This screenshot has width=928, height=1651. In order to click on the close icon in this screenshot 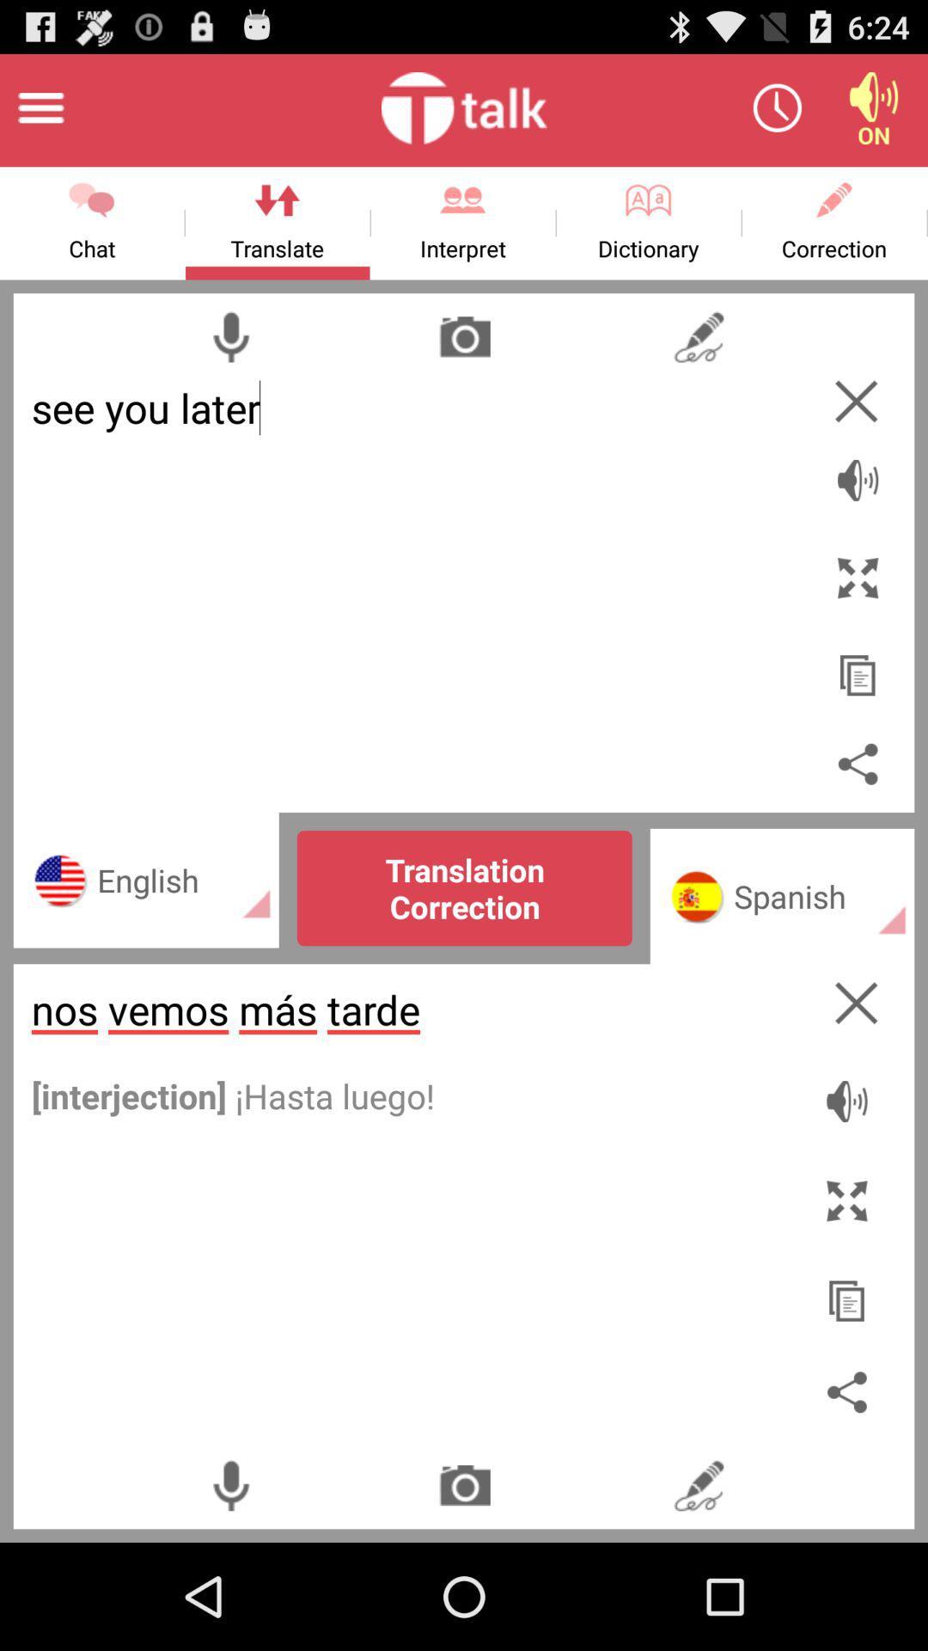, I will do `click(851, 1105)`.